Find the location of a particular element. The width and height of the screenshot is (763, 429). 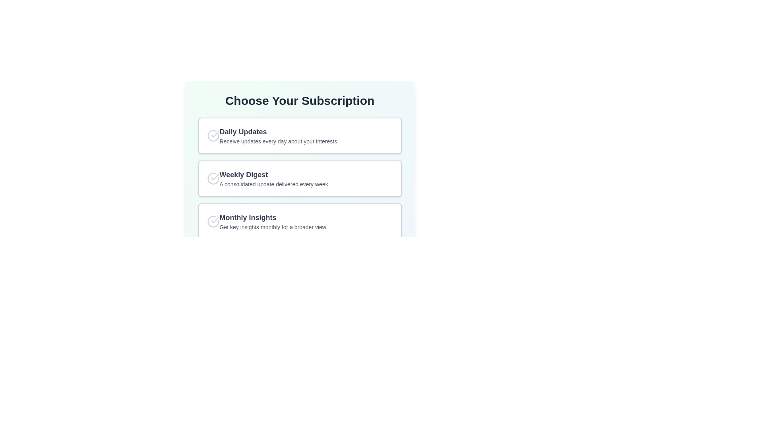

the light gray text label that reads 'Receive updates every day about your interests.' which is located below the 'Daily Updates' title is located at coordinates (279, 141).